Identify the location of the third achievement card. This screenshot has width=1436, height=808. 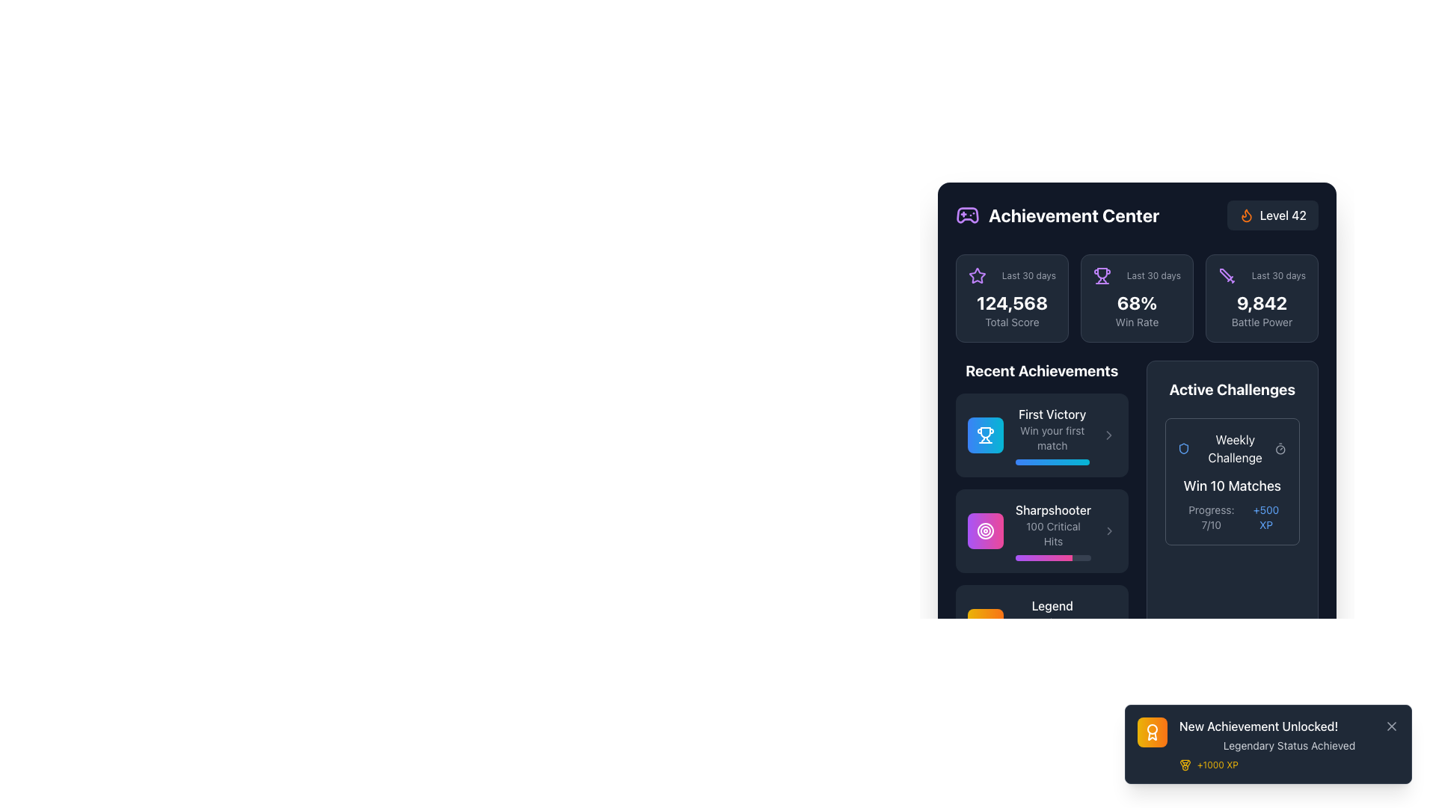
(1041, 626).